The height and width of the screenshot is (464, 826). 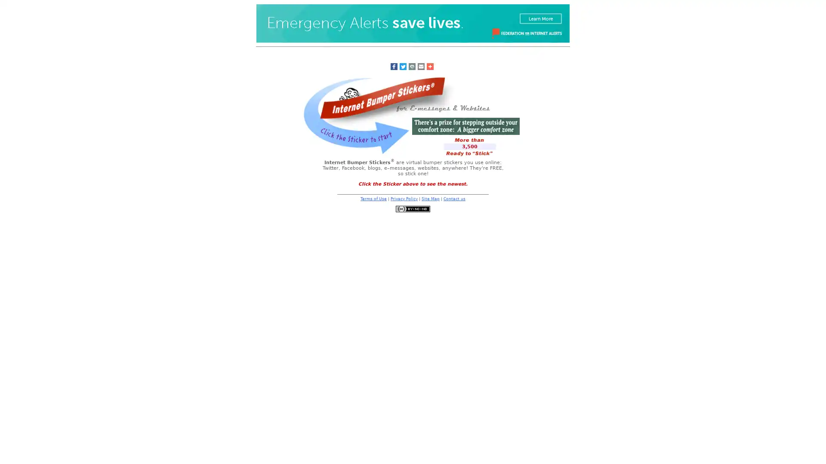 What do you see at coordinates (393, 66) in the screenshot?
I see `Share to Facebook` at bounding box center [393, 66].